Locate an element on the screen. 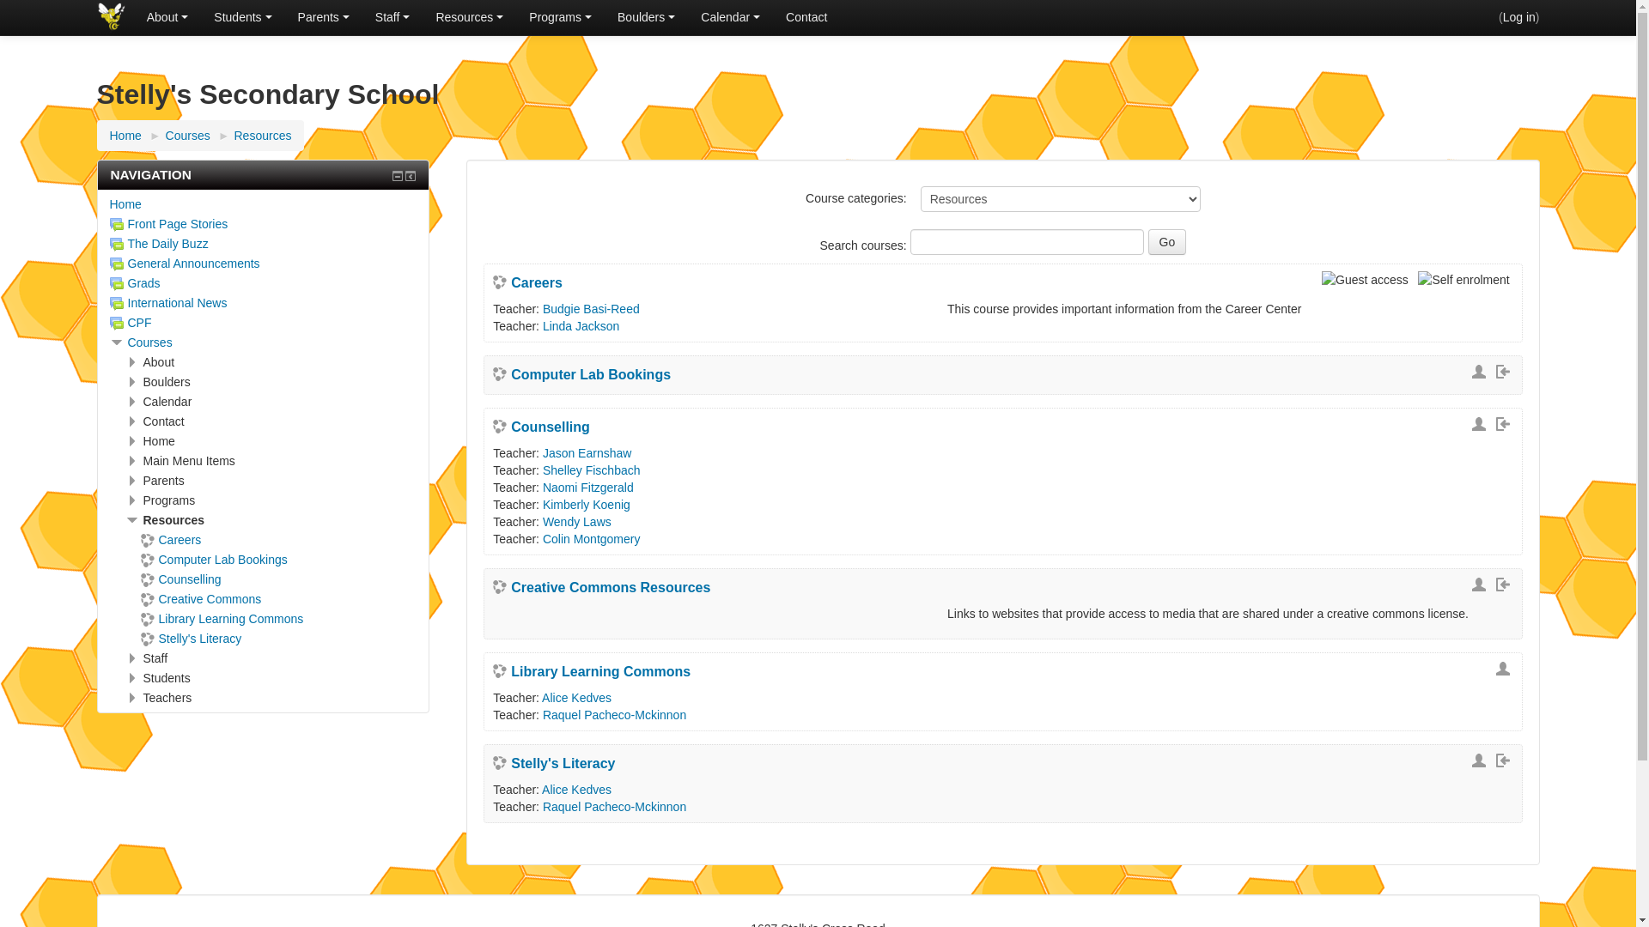 The width and height of the screenshot is (1649, 927). 'Shelley Fischbach' is located at coordinates (542, 470).